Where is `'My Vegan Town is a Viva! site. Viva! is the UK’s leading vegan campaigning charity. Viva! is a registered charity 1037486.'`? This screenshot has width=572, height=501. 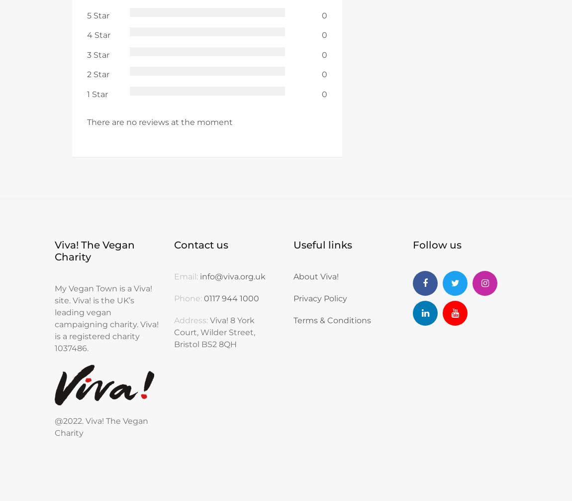
'My Vegan Town is a Viva! site. Viva! is the UK’s leading vegan campaigning charity. Viva! is a registered charity 1037486.' is located at coordinates (106, 318).